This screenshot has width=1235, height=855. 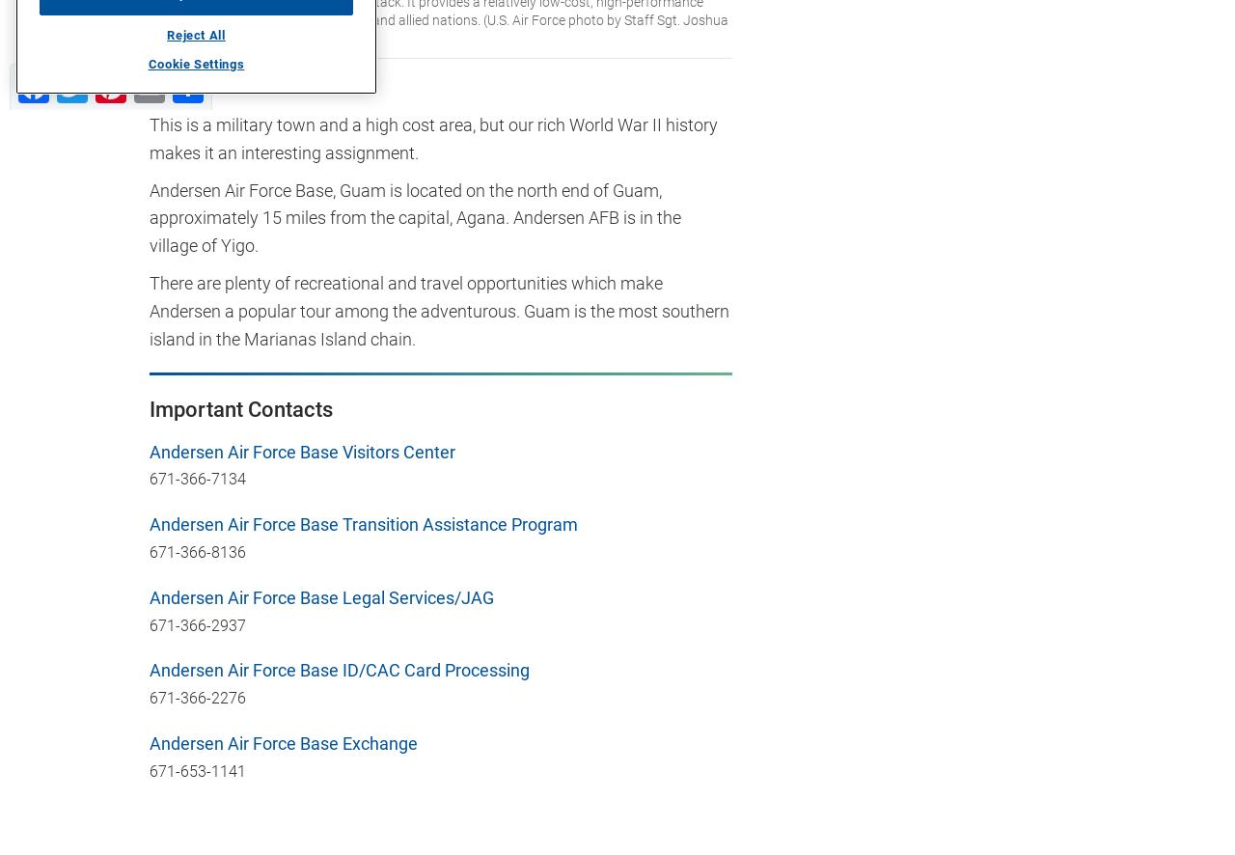 I want to click on 'There are plenty of recreational and travel opportunities which make Andersen a popular tour among the adventurous. Guam is the most southern island in the Marianas Island chain.', so click(x=438, y=309).